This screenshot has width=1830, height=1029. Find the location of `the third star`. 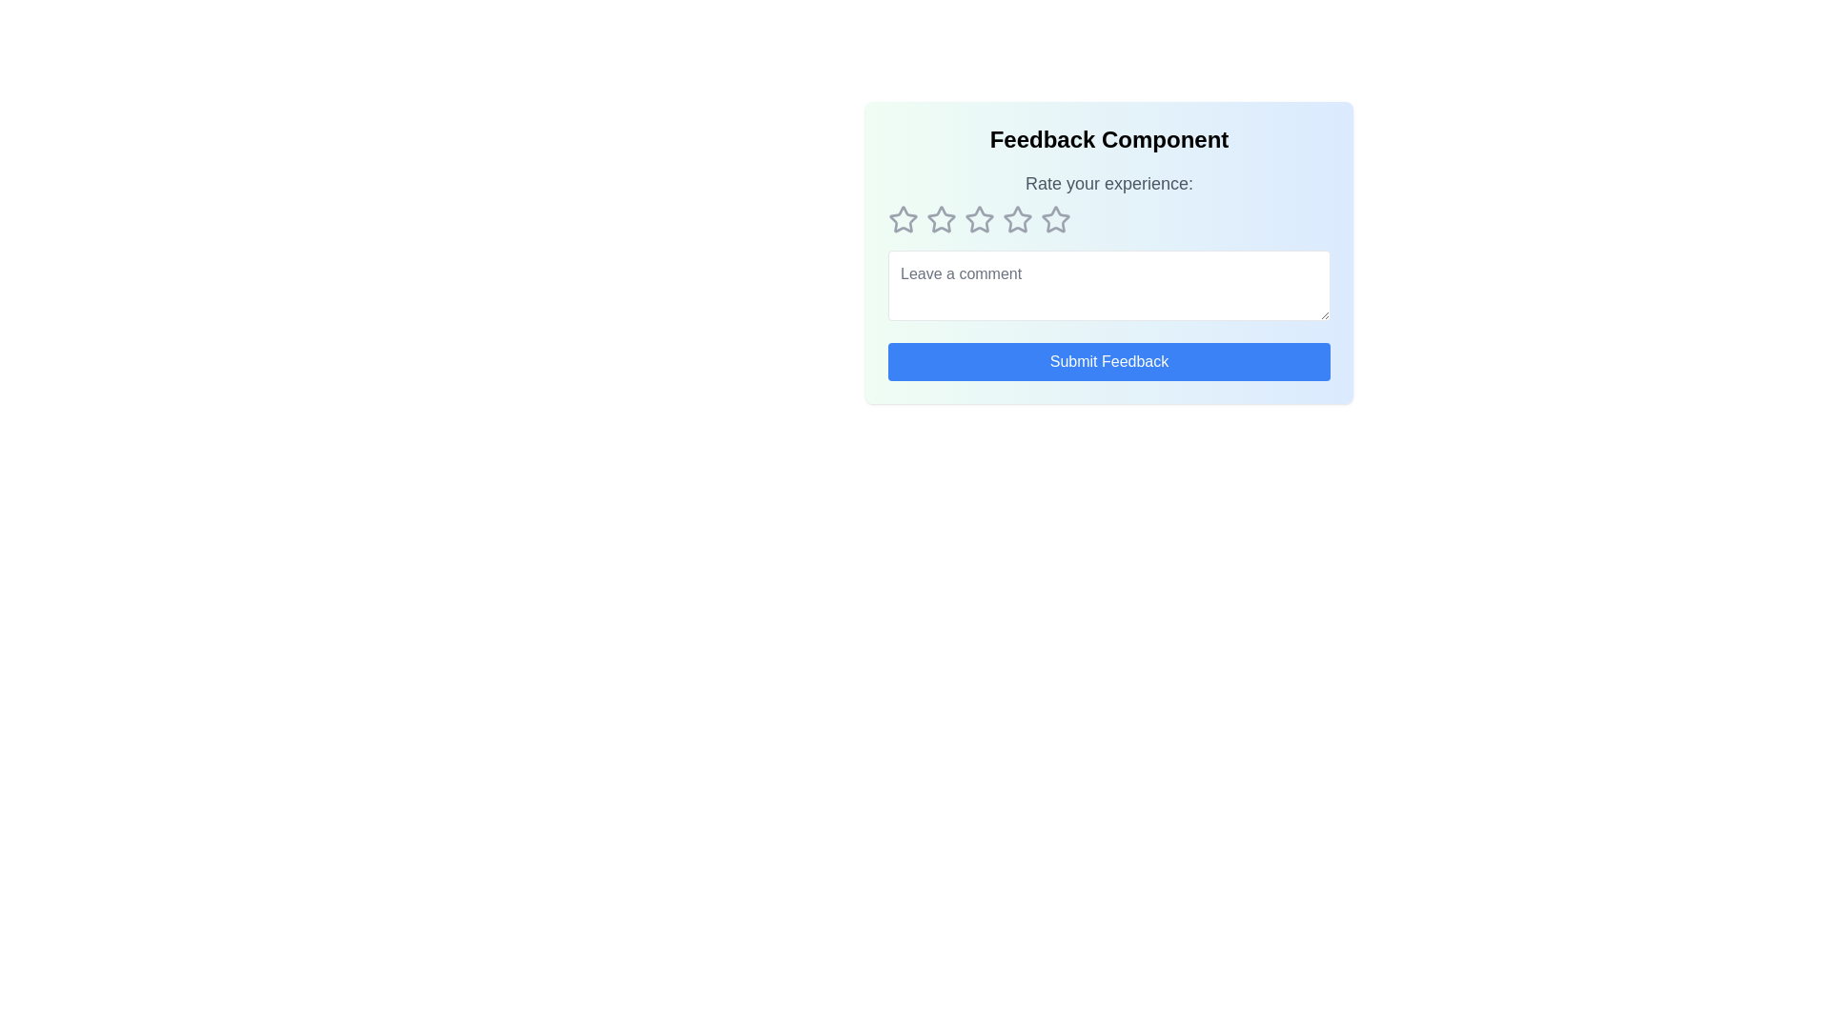

the third star is located at coordinates (1017, 218).